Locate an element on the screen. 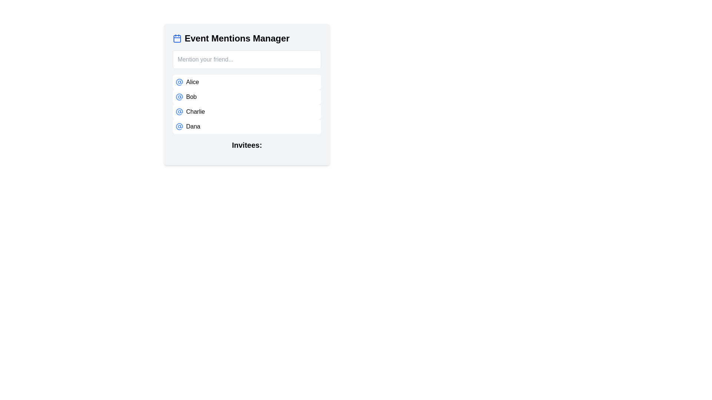  the '@' icon next to the name 'Dana' in the invitees list, which is the fourth item in that list is located at coordinates (179, 126).